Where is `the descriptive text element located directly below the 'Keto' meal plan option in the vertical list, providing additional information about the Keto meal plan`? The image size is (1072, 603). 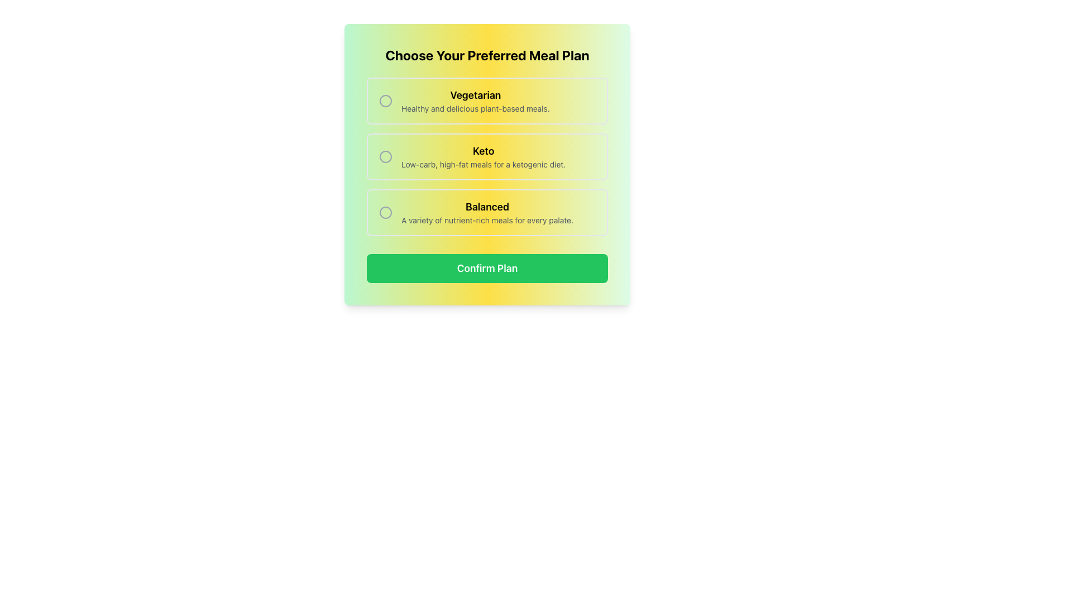
the descriptive text element located directly below the 'Keto' meal plan option in the vertical list, providing additional information about the Keto meal plan is located at coordinates (484, 164).